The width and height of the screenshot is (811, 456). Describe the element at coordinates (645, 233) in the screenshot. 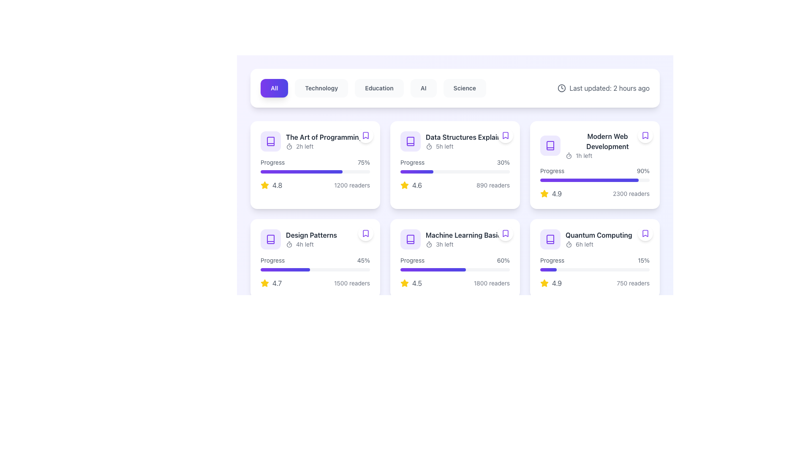

I see `the bookmark icon embedded within the button located in the top-right corner of the learning module card to bookmark the module` at that location.